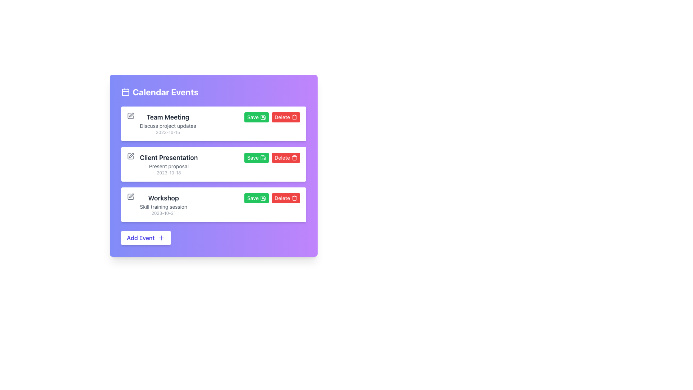 This screenshot has width=693, height=390. Describe the element at coordinates (256, 198) in the screenshot. I see `the 'Save' button located in the lower section of the 'Workshop' event card to observe the hover effect` at that location.